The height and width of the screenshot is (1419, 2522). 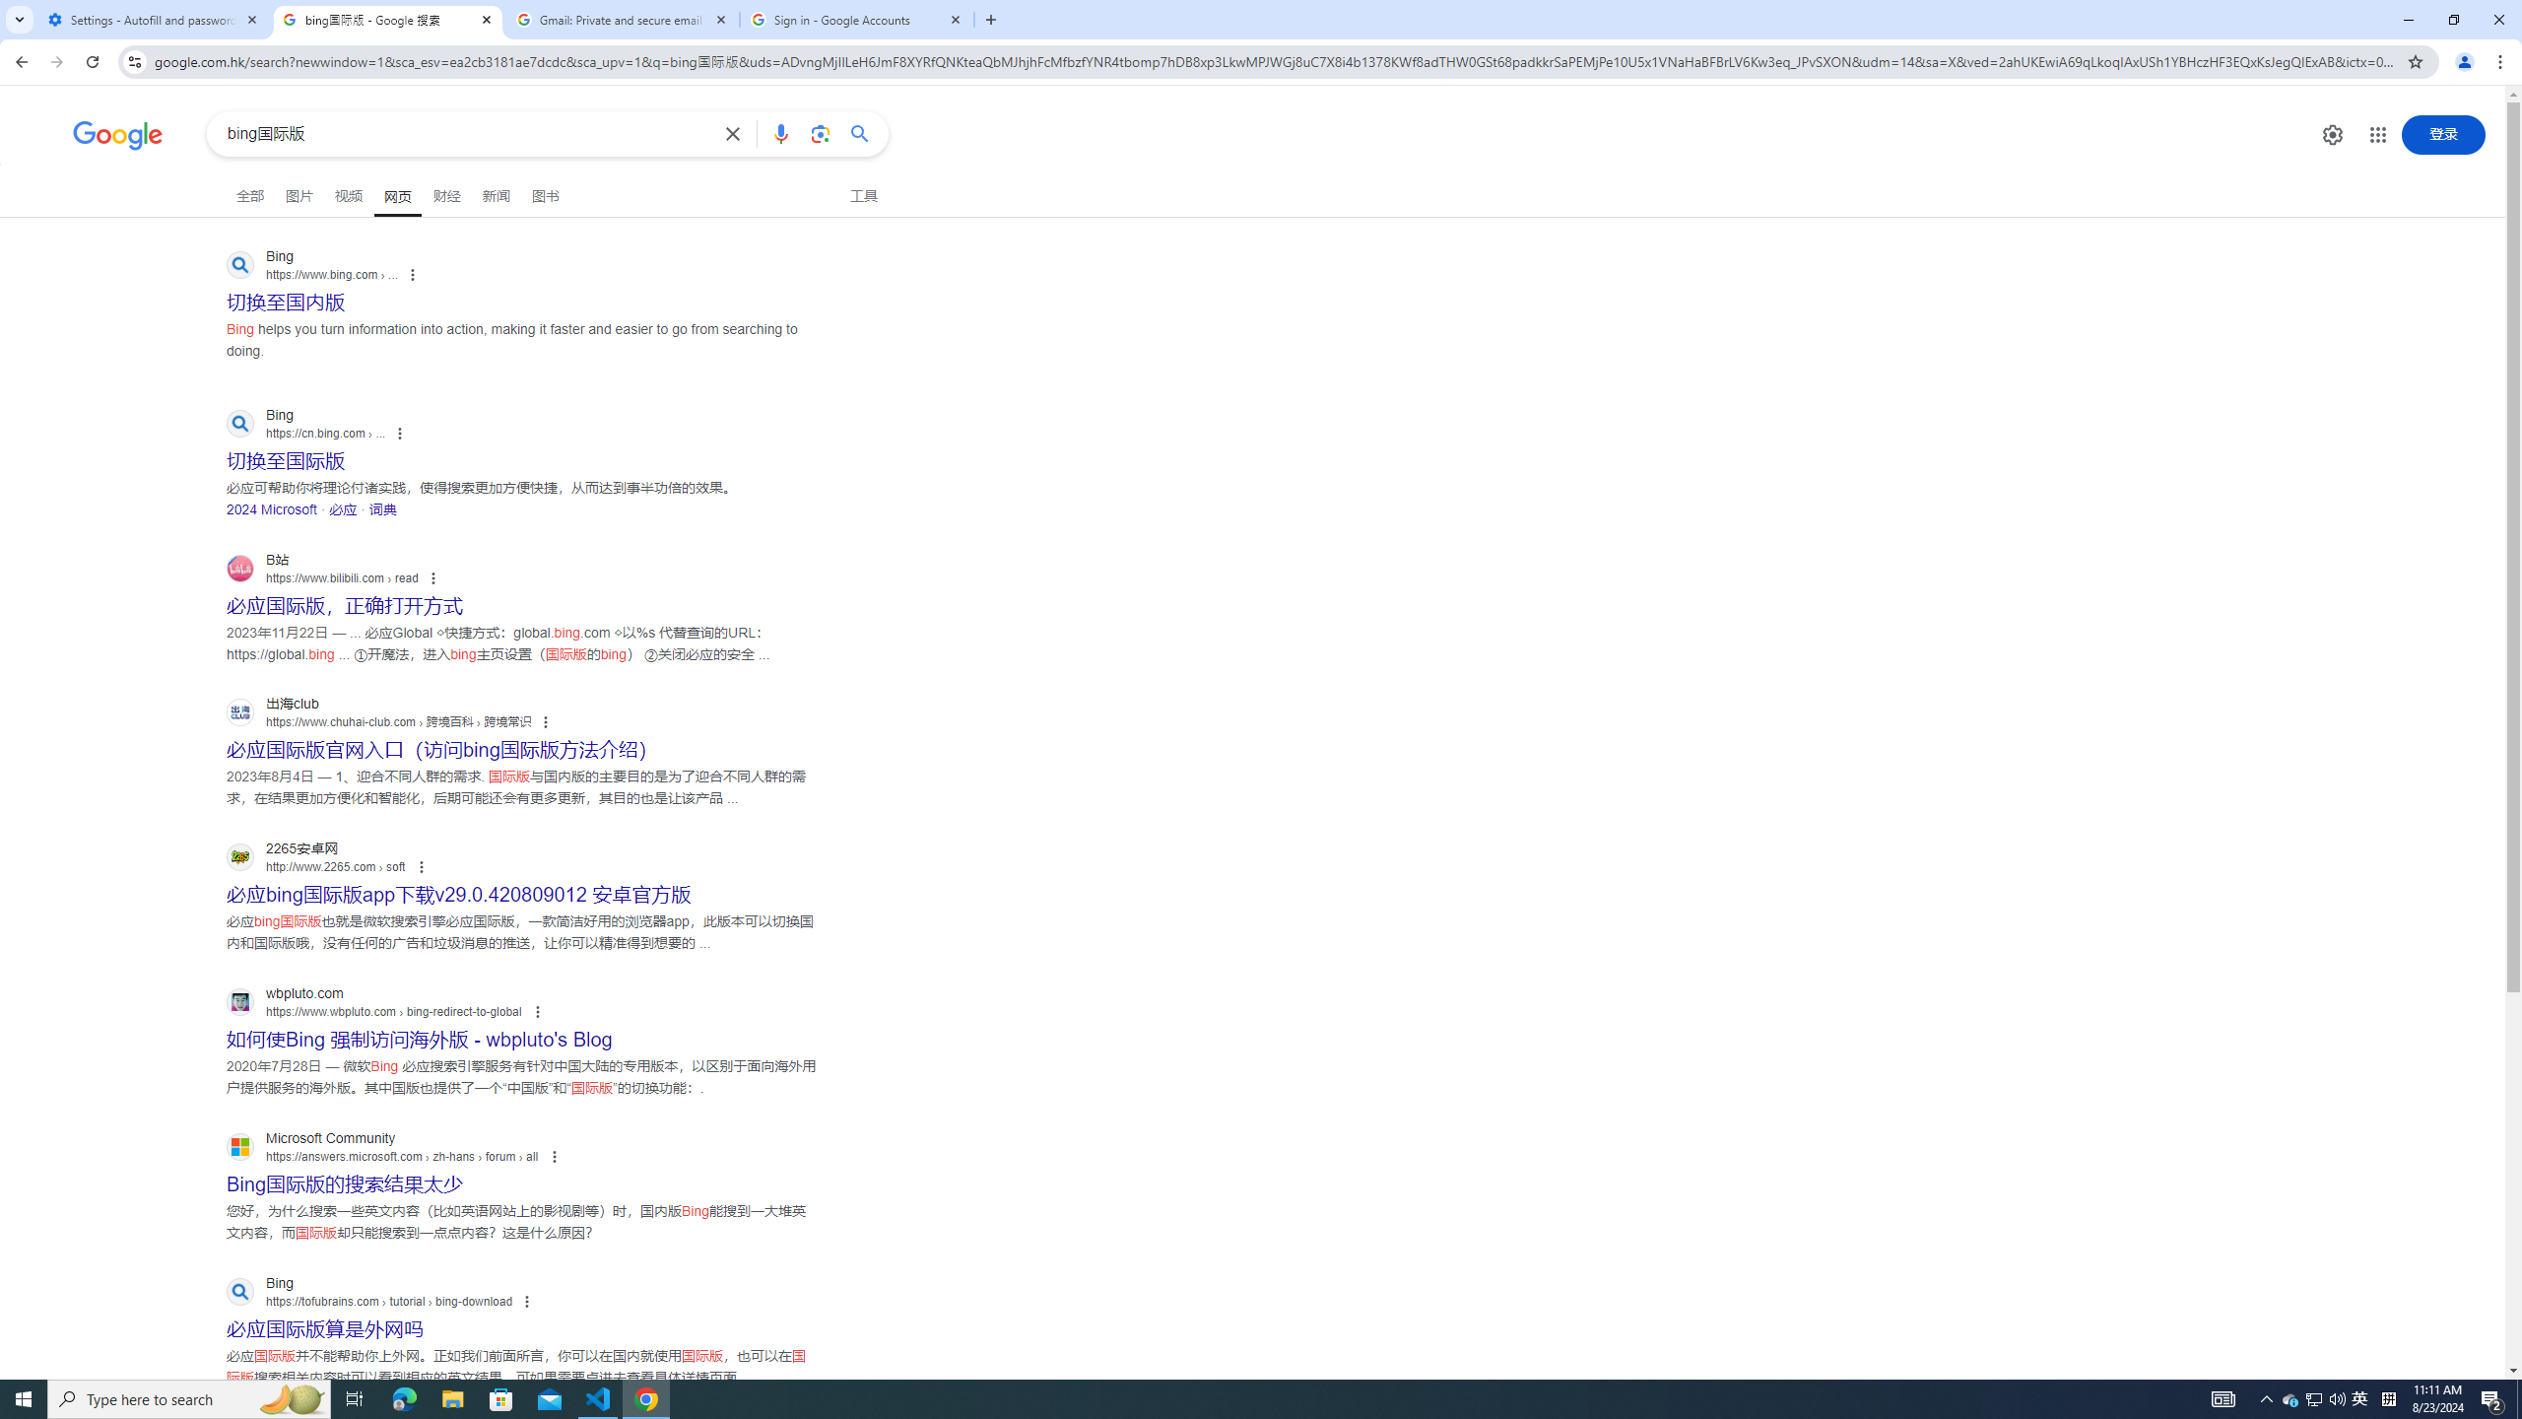 What do you see at coordinates (2465, 61) in the screenshot?
I see `'You'` at bounding box center [2465, 61].